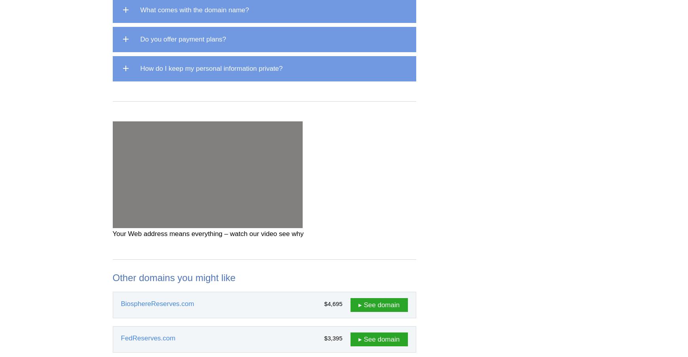 The width and height of the screenshot is (688, 357). Describe the element at coordinates (194, 9) in the screenshot. I see `'What comes with the domain name?'` at that location.